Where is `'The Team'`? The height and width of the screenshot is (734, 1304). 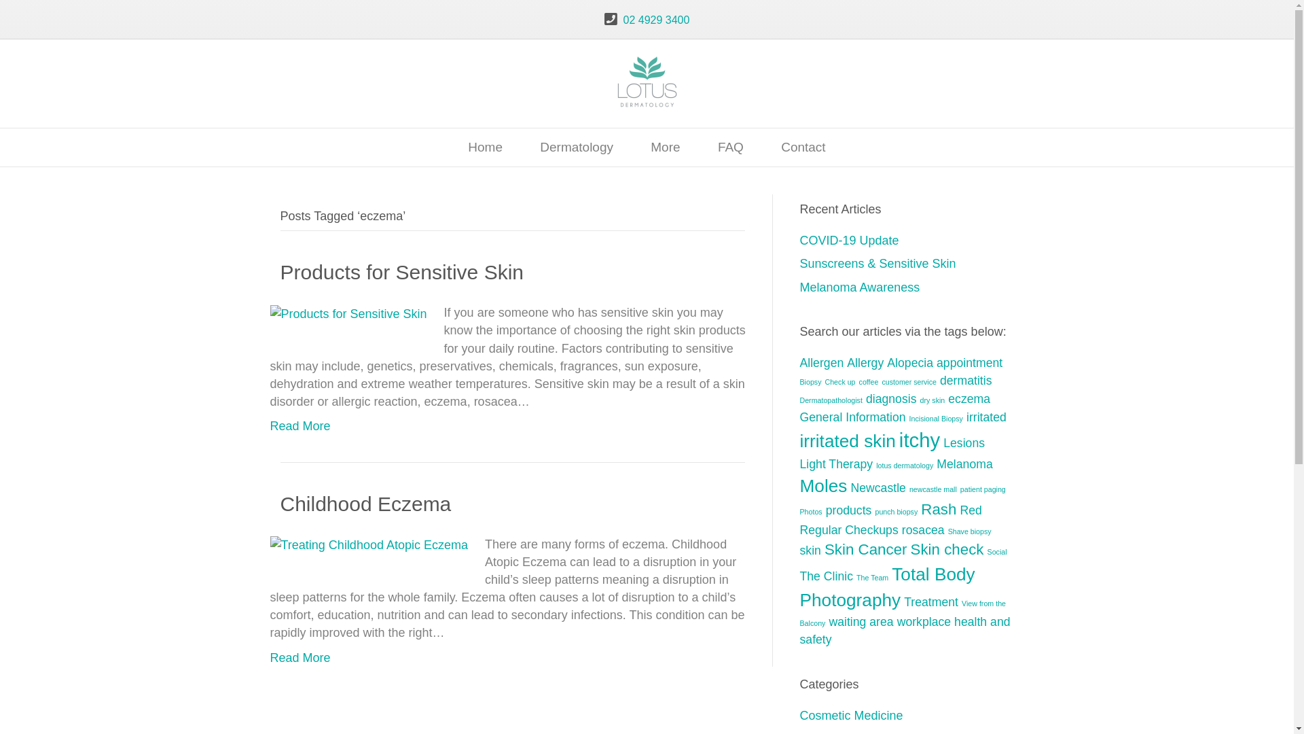
'The Team' is located at coordinates (856, 577).